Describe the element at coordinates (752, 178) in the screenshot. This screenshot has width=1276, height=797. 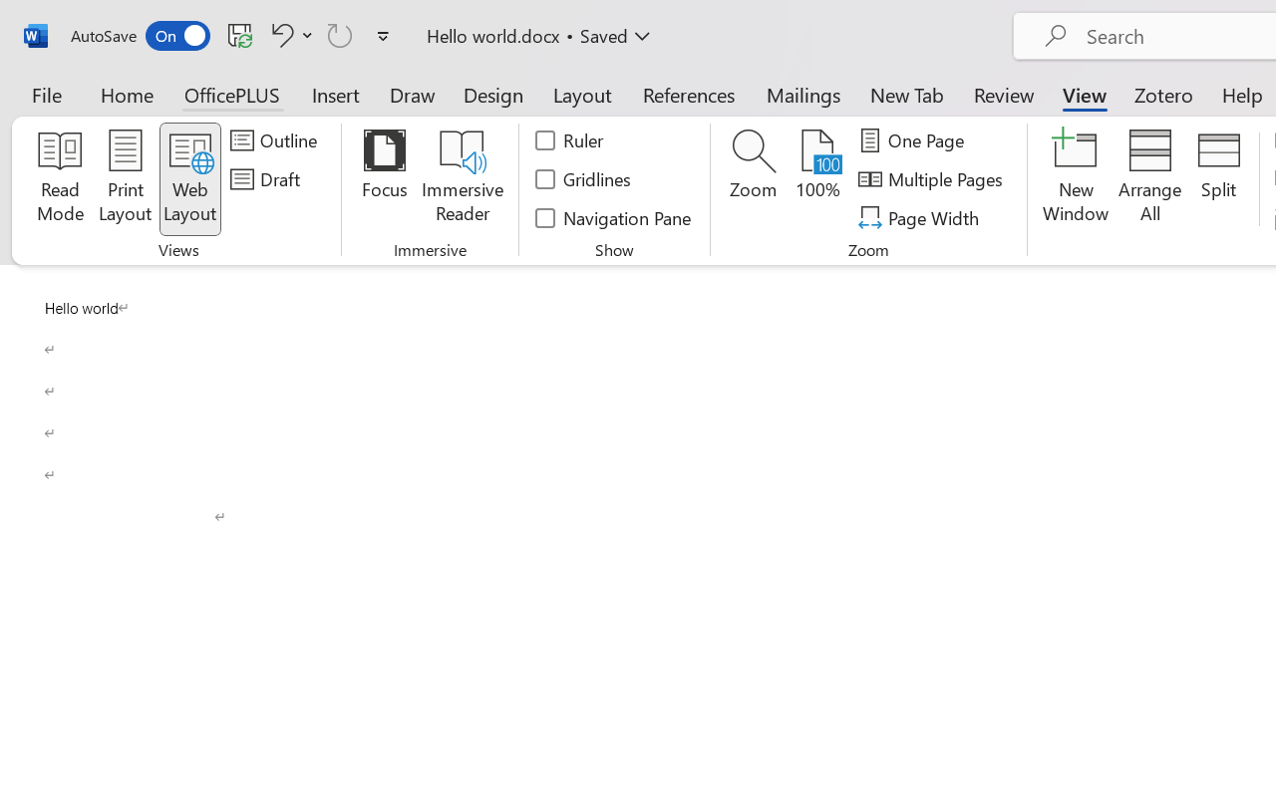
I see `'Zoom...'` at that location.